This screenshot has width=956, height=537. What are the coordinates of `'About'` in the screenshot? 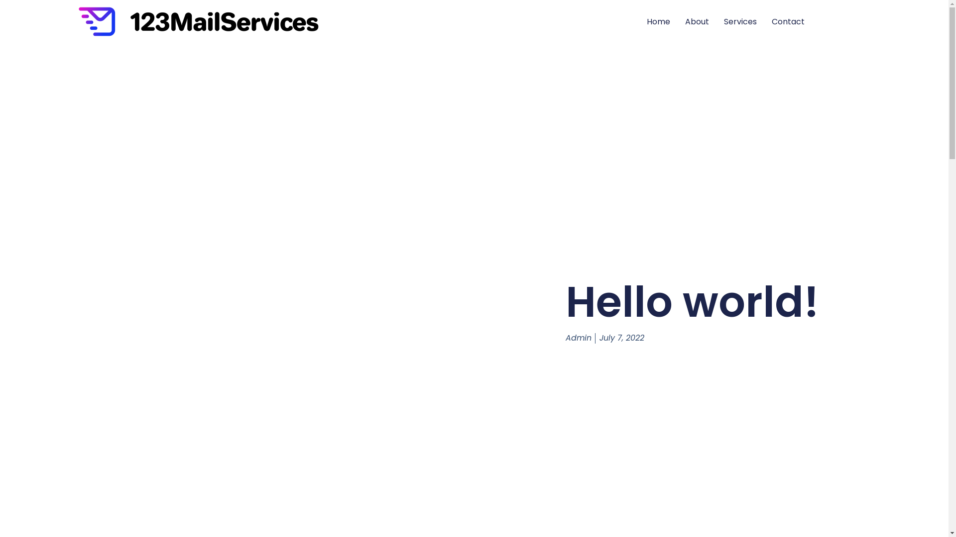 It's located at (685, 21).